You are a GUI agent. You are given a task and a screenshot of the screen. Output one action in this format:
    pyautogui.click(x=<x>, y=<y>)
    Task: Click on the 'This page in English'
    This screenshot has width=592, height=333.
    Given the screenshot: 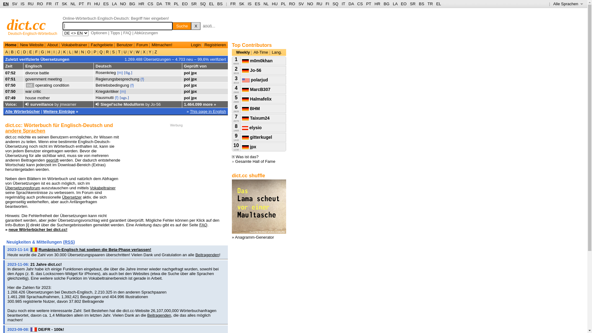 What is the action you would take?
    pyautogui.click(x=208, y=111)
    